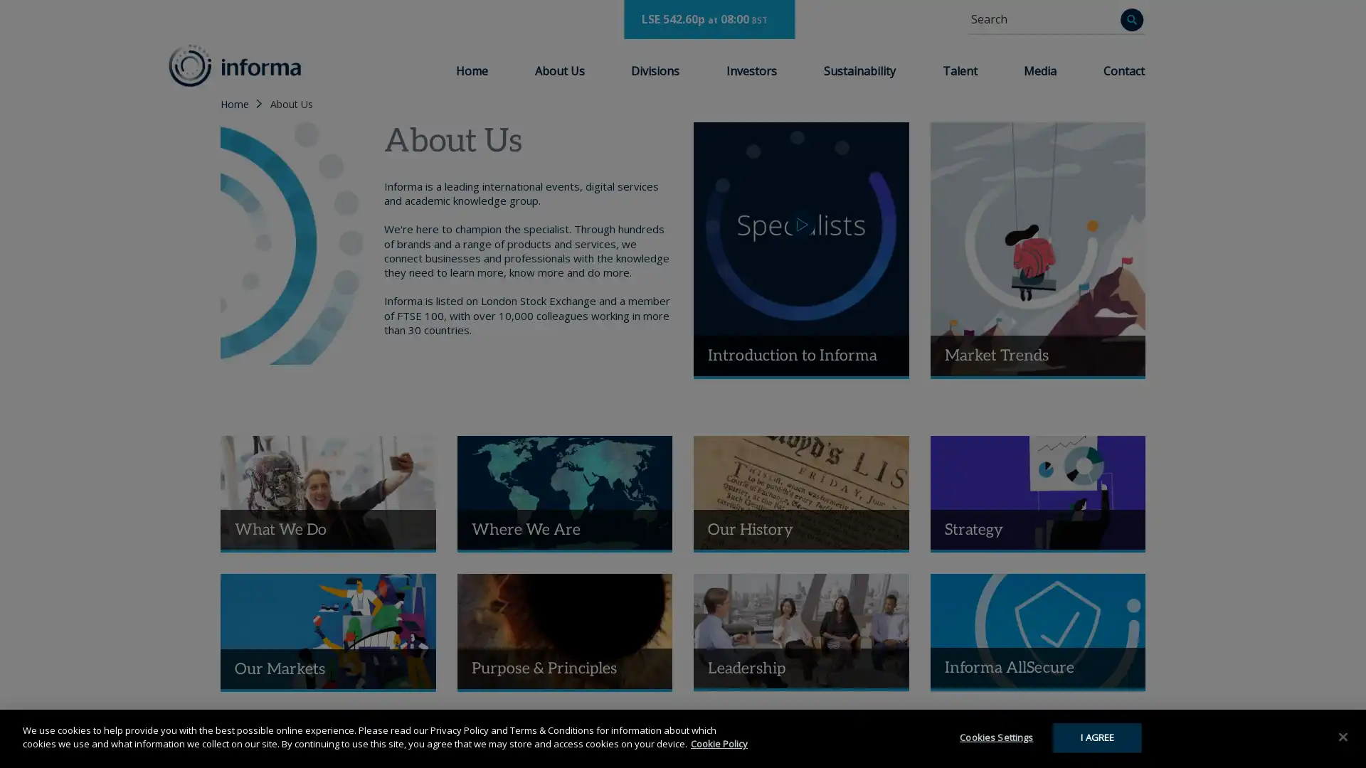 The image size is (1366, 768). I want to click on Cookies Settings, so click(995, 737).